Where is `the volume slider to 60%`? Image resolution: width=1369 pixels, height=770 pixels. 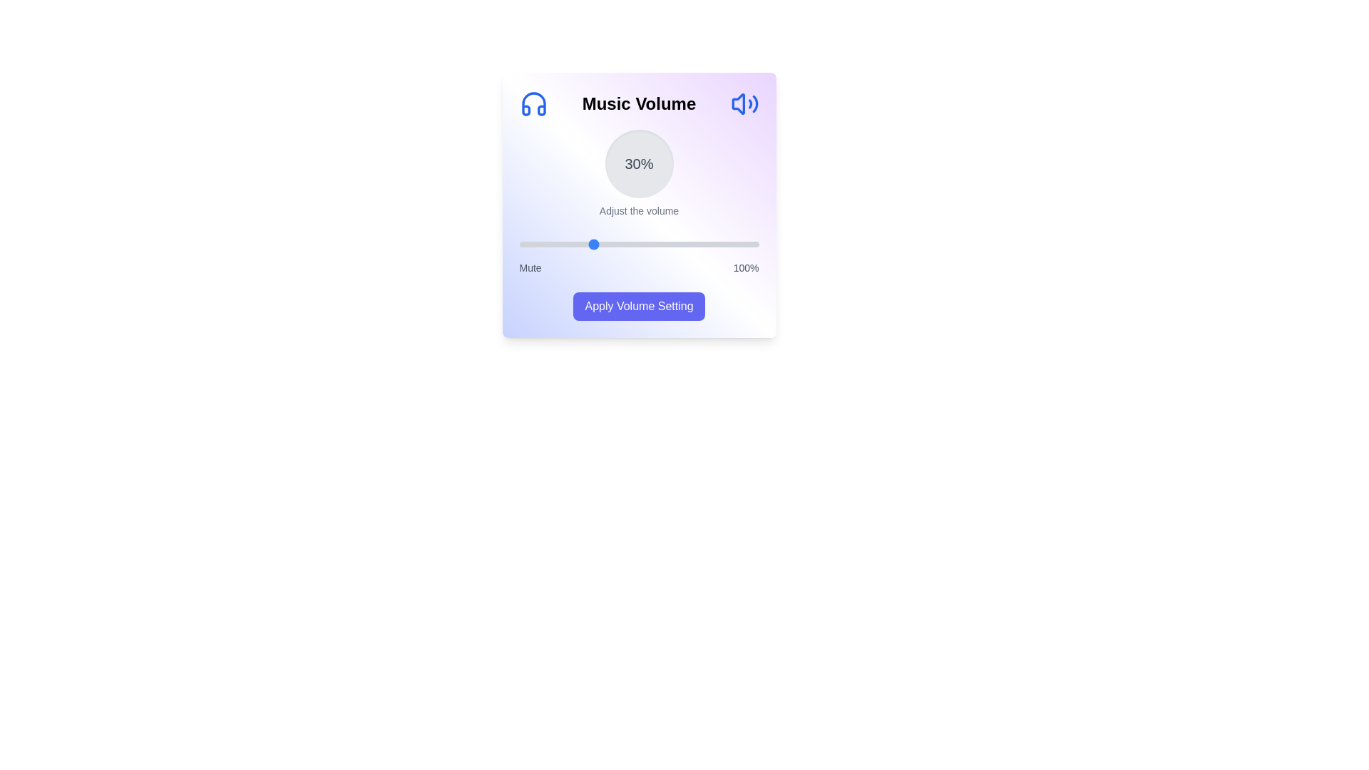 the volume slider to 60% is located at coordinates (662, 244).